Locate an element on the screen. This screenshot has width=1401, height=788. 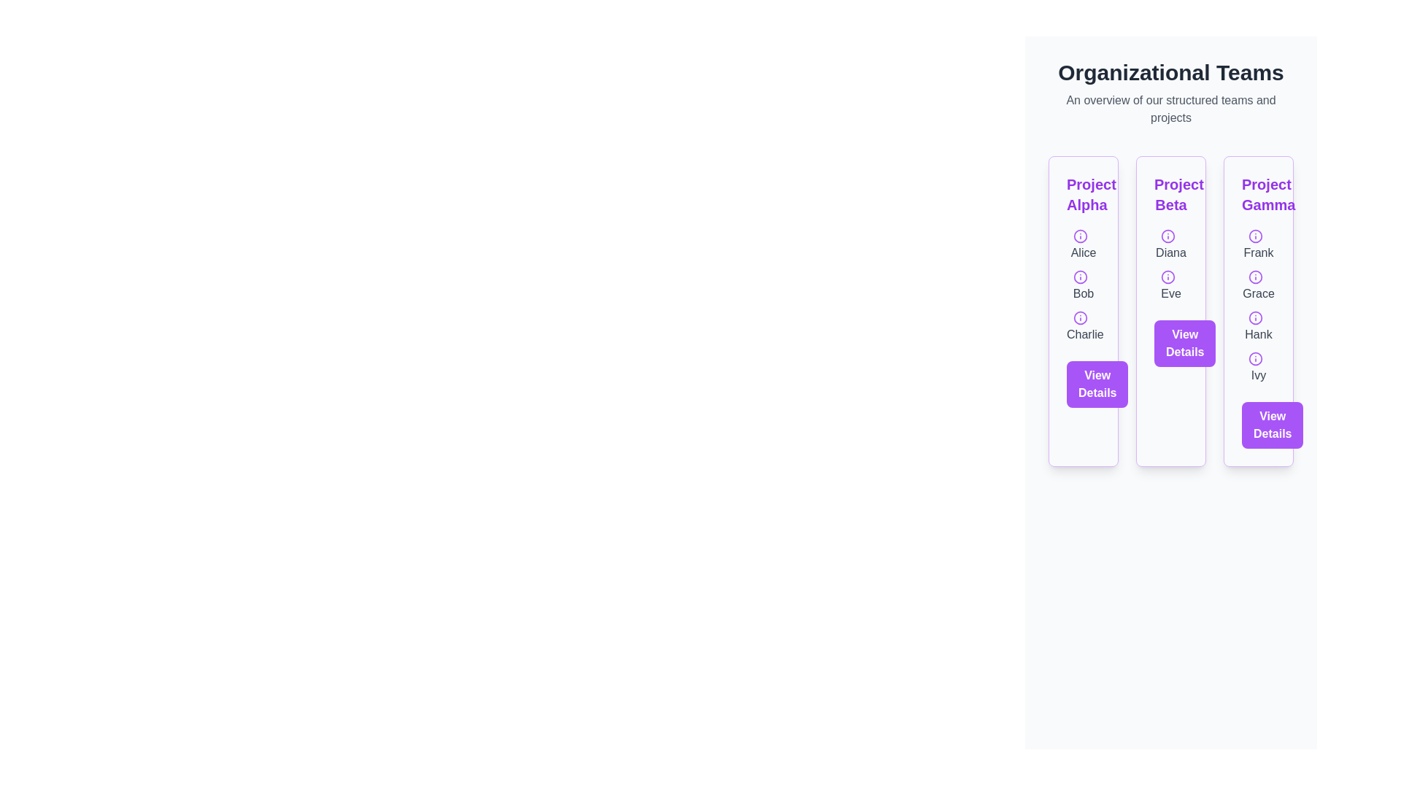
the non-interactive List displaying names associated with the project located in the card labeled 'Project Alpha' is located at coordinates (1083, 285).